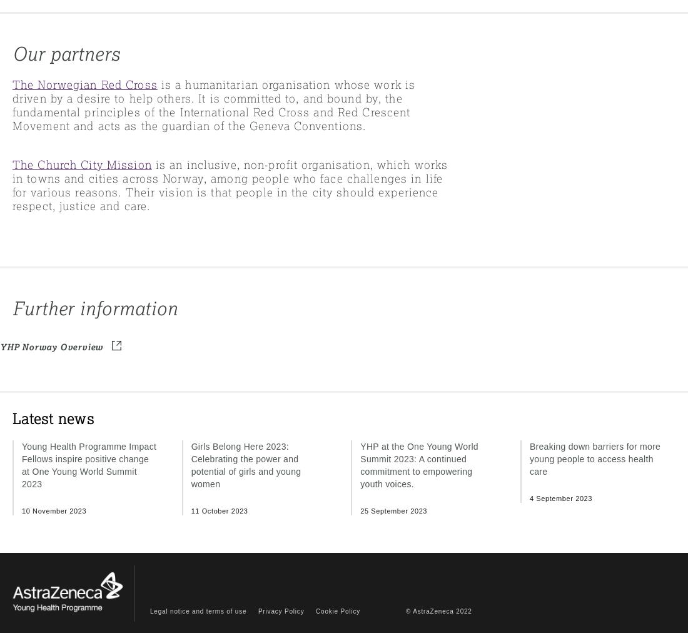  Describe the element at coordinates (84, 84) in the screenshot. I see `'The Norwegian Red Cross'` at that location.